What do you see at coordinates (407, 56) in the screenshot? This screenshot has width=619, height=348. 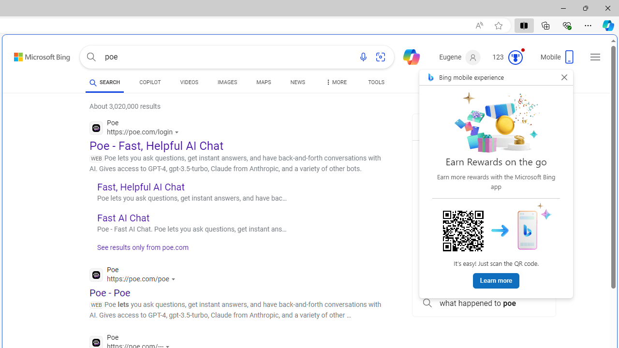 I see `'Chat'` at bounding box center [407, 56].